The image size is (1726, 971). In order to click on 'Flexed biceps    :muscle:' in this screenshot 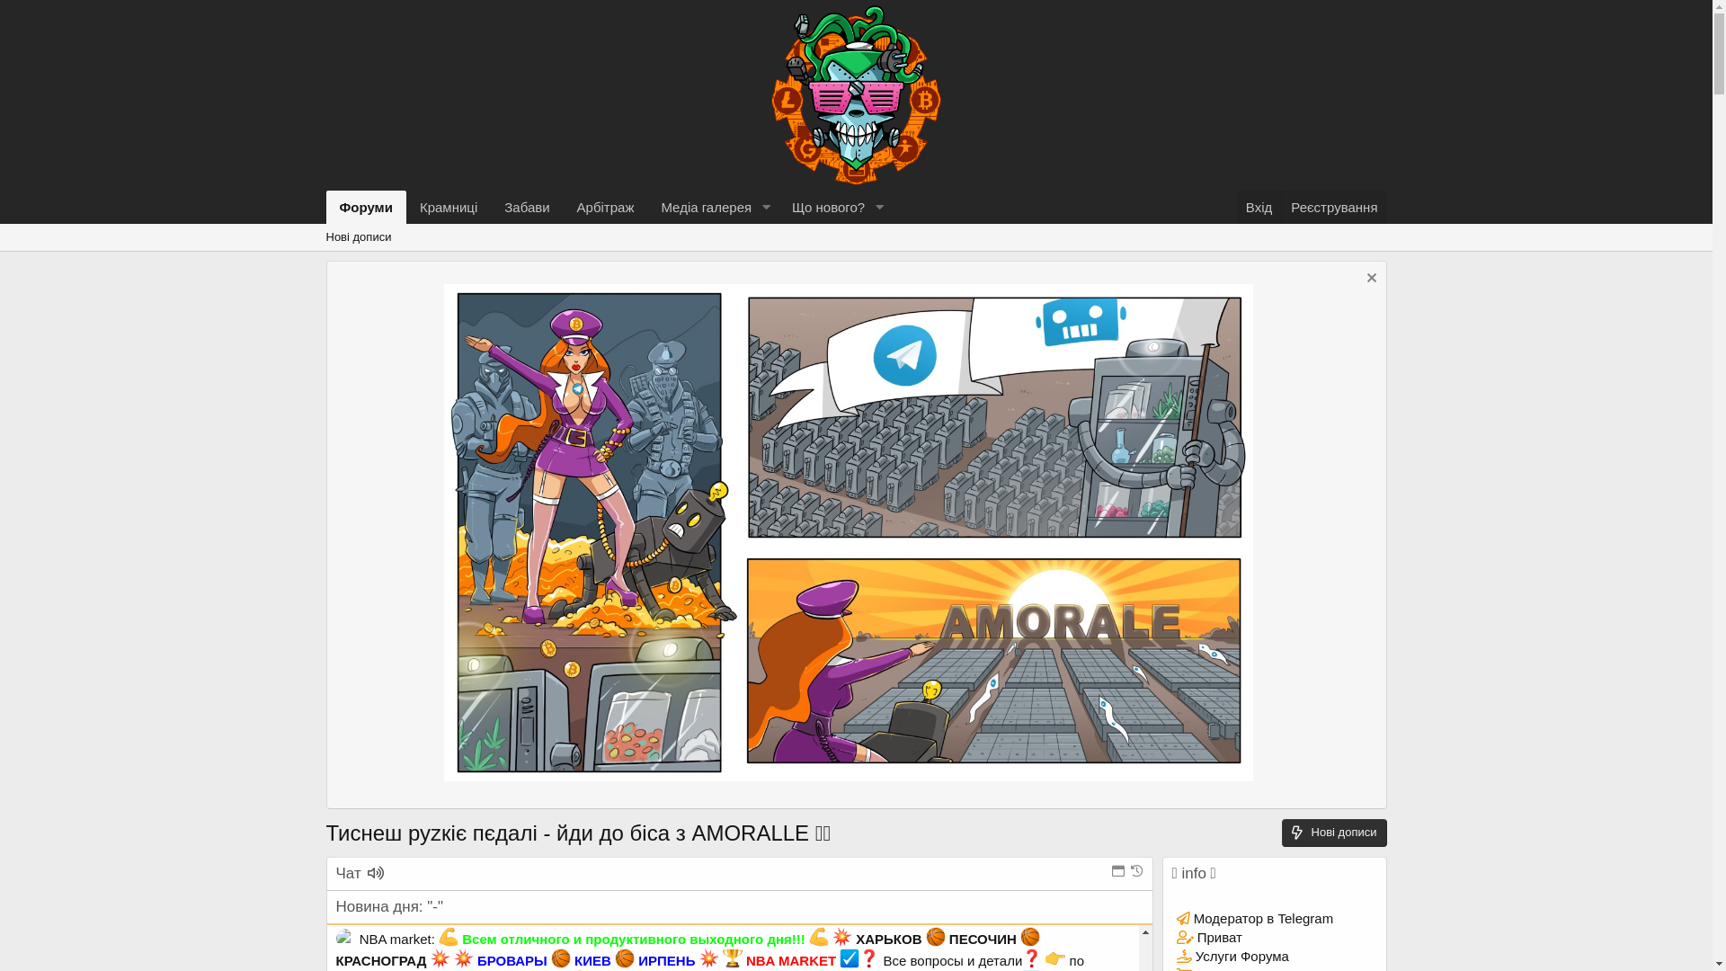, I will do `click(449, 935)`.